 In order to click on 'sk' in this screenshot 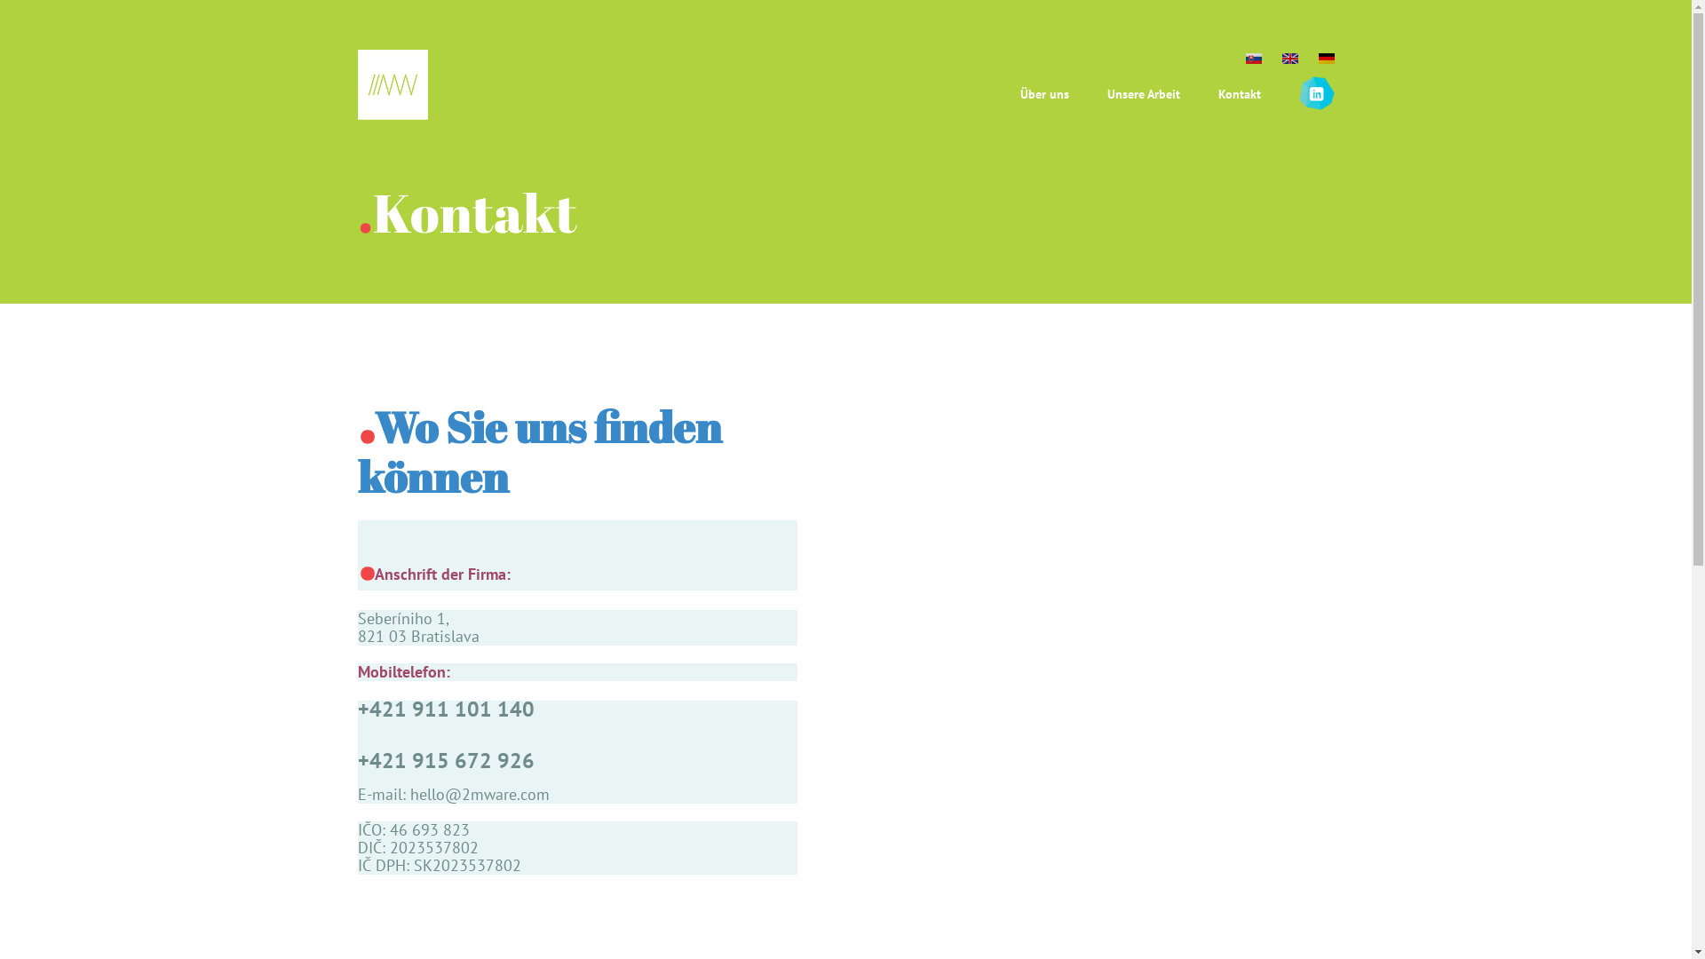, I will do `click(1252, 57)`.